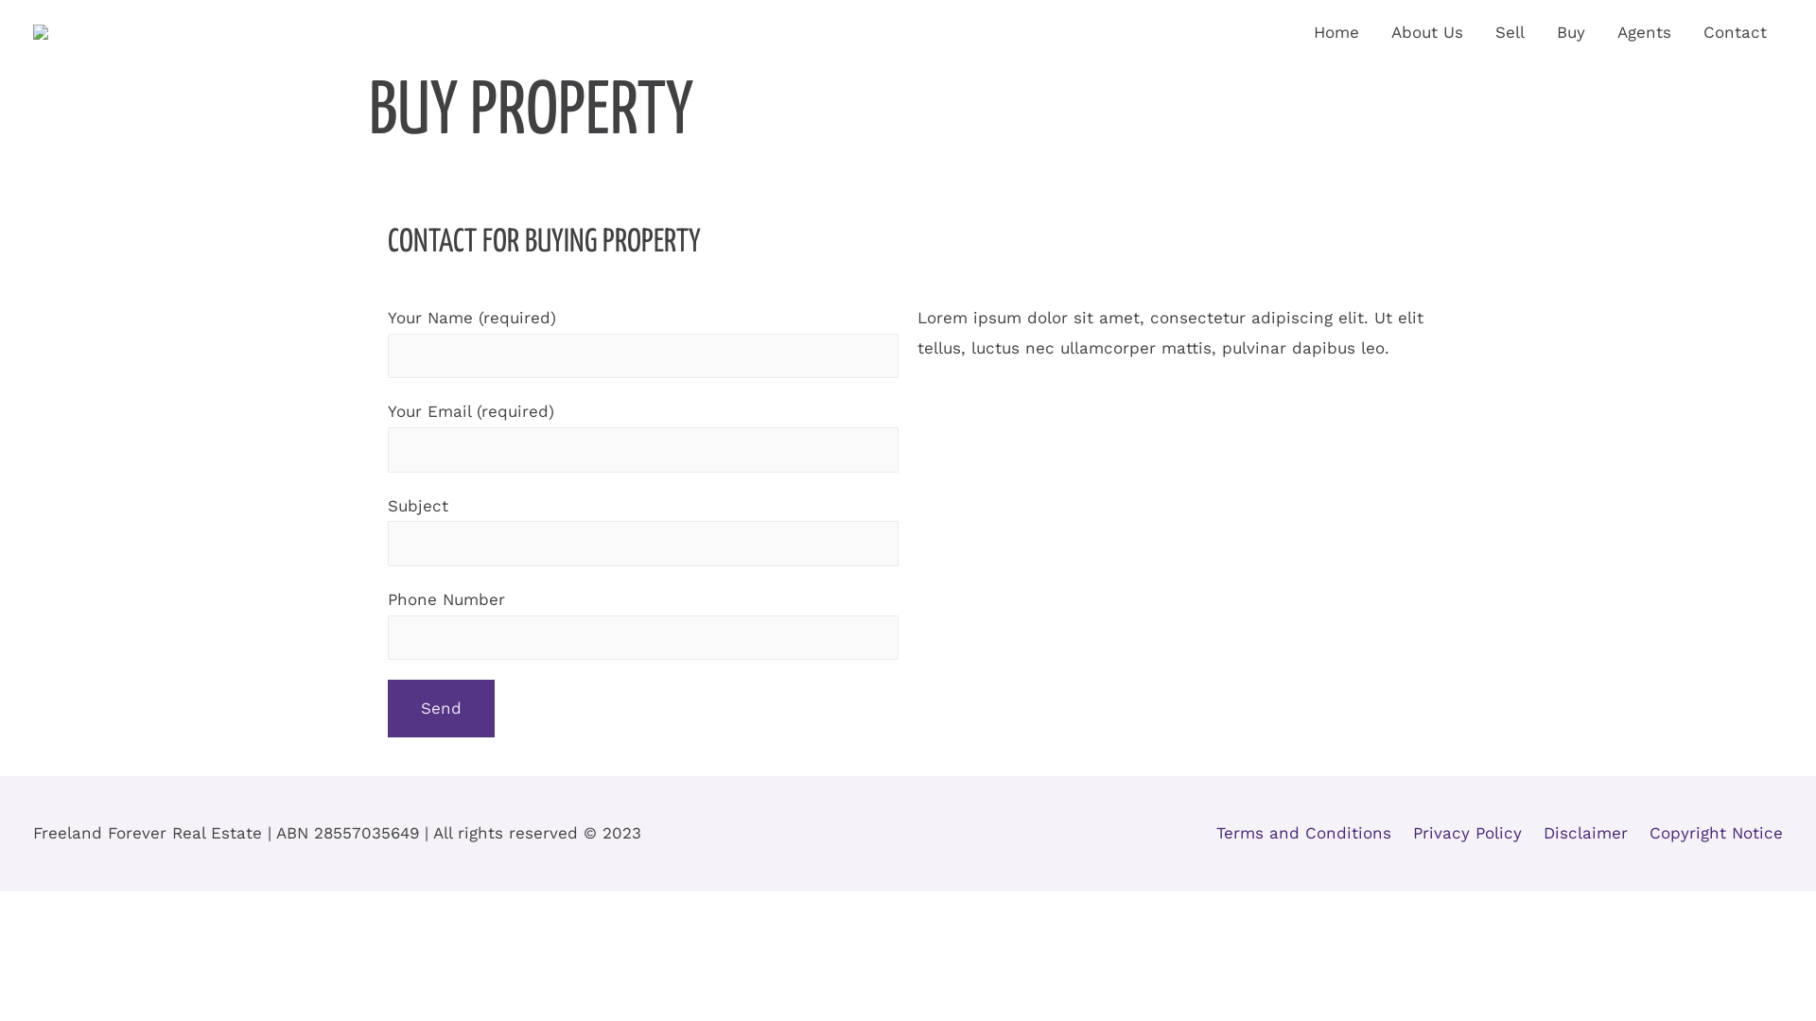 This screenshot has width=1816, height=1021. What do you see at coordinates (1570, 32) in the screenshot?
I see `'Buy'` at bounding box center [1570, 32].